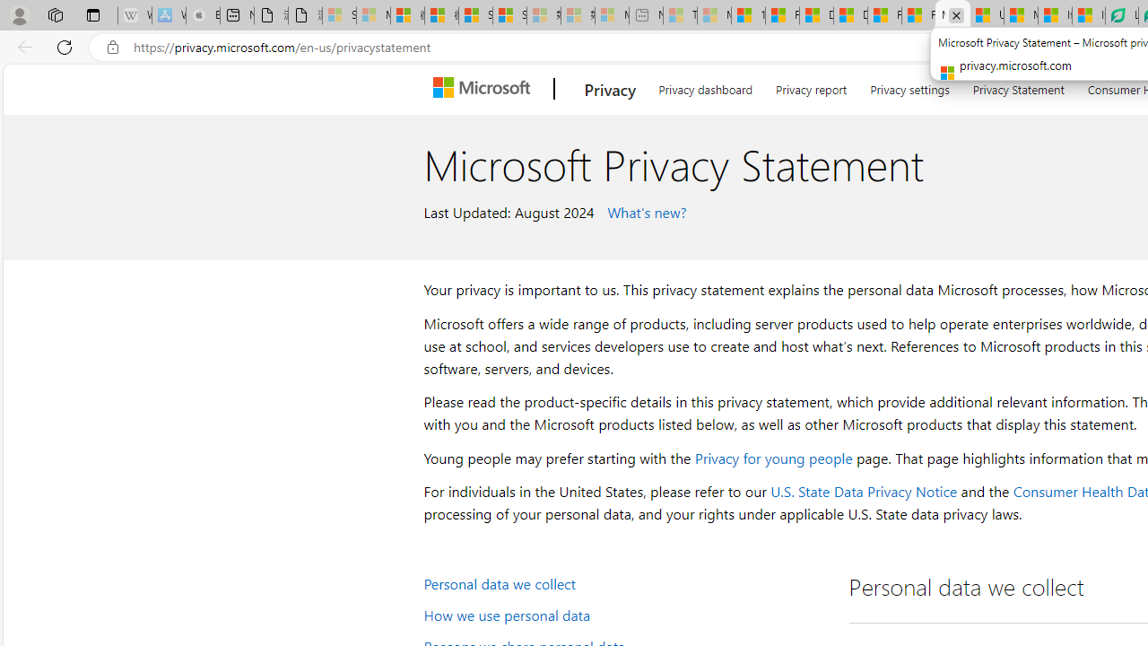 This screenshot has width=1148, height=646. I want to click on 'Microsoft Services Agreement - Sleeping', so click(372, 15).